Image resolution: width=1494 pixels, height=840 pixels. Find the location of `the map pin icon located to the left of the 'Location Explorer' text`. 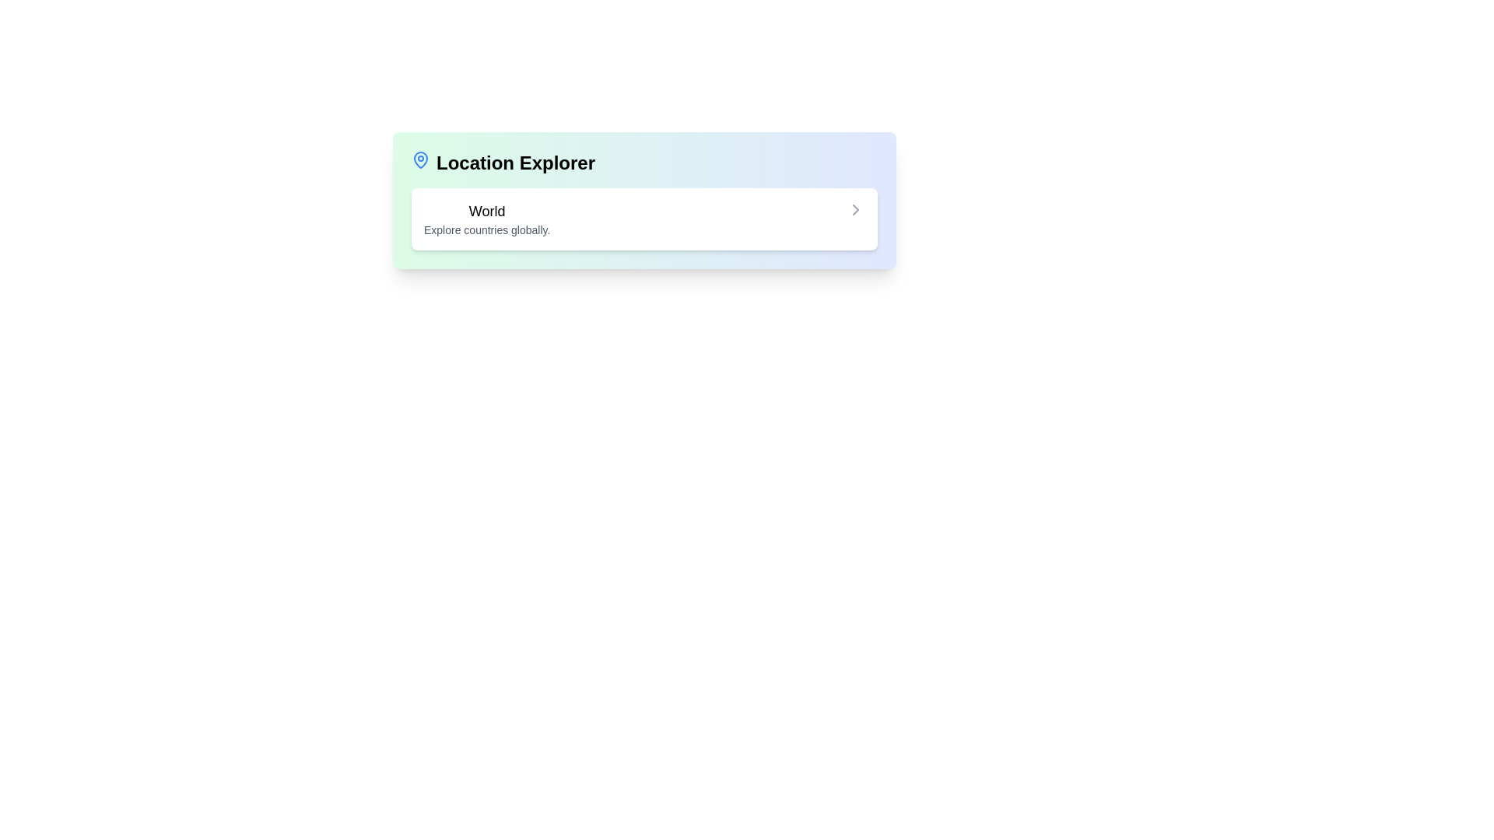

the map pin icon located to the left of the 'Location Explorer' text is located at coordinates (421, 159).